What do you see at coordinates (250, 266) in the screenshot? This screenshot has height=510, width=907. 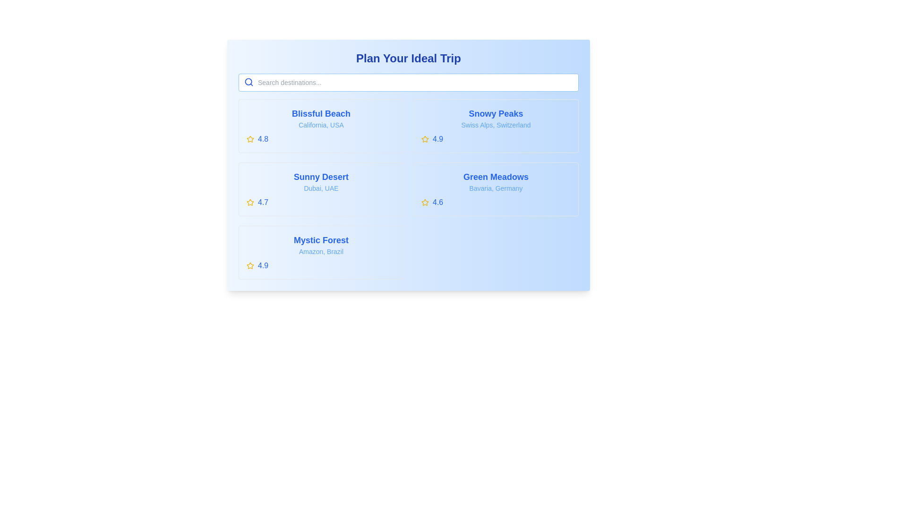 I see `the yellow star icon representing a rating of '4.9' located in the bottom left of the 'Mystic Forest' card in the 'Plan Your Ideal Trip' interface` at bounding box center [250, 266].